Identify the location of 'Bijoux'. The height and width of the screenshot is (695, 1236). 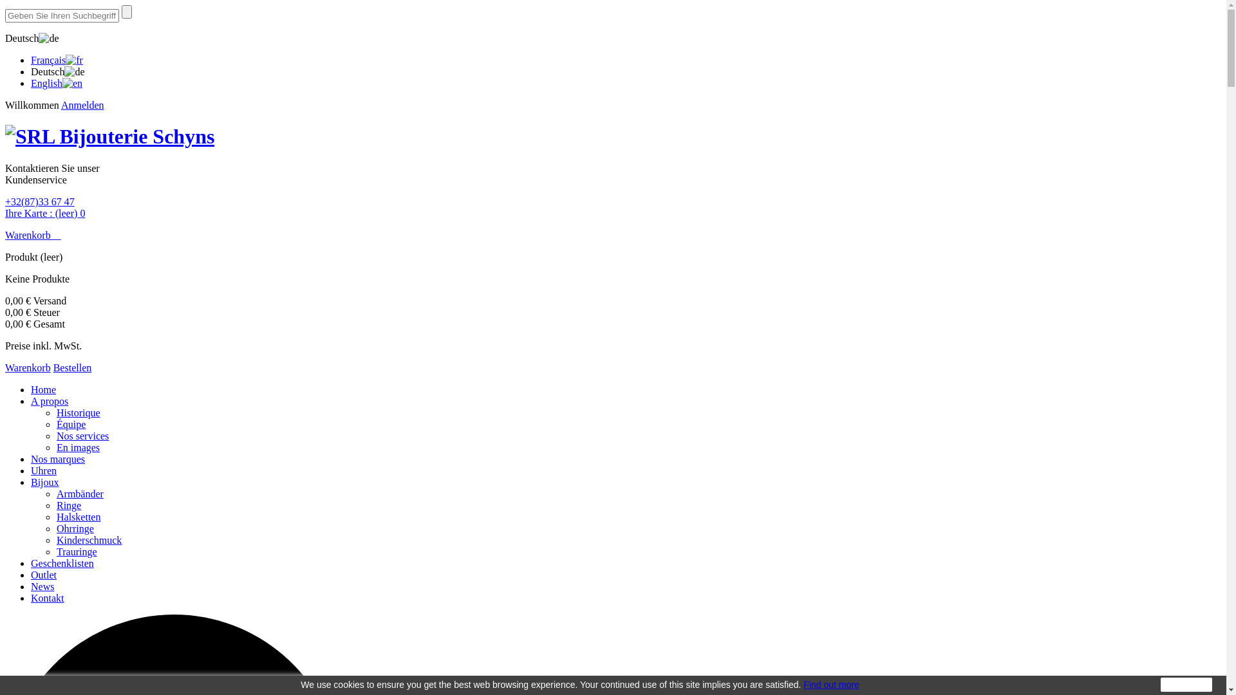
(45, 482).